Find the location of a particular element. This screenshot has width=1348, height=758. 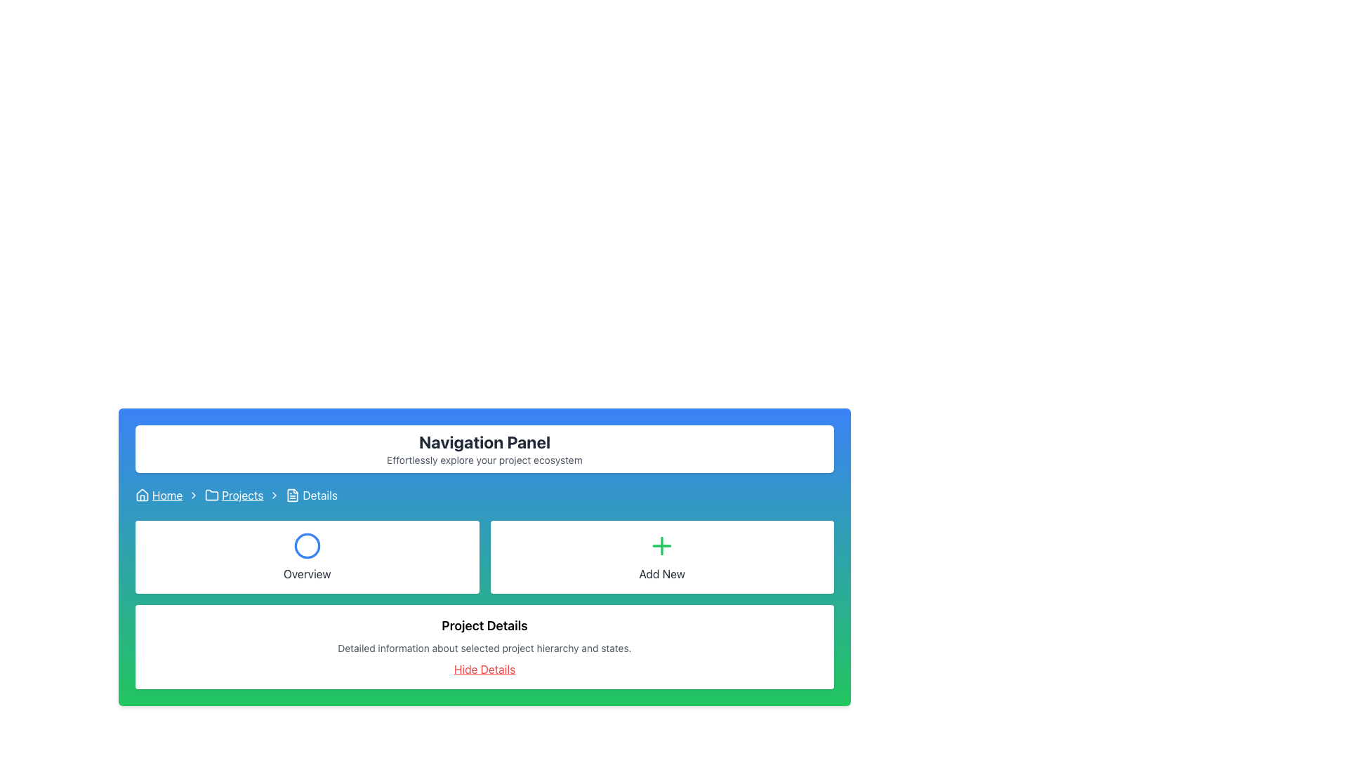

the interactive button located in the top-right area of the grid, positioned to the right of the 'Overview' section and above the 'Project Details' section is located at coordinates (661, 557).